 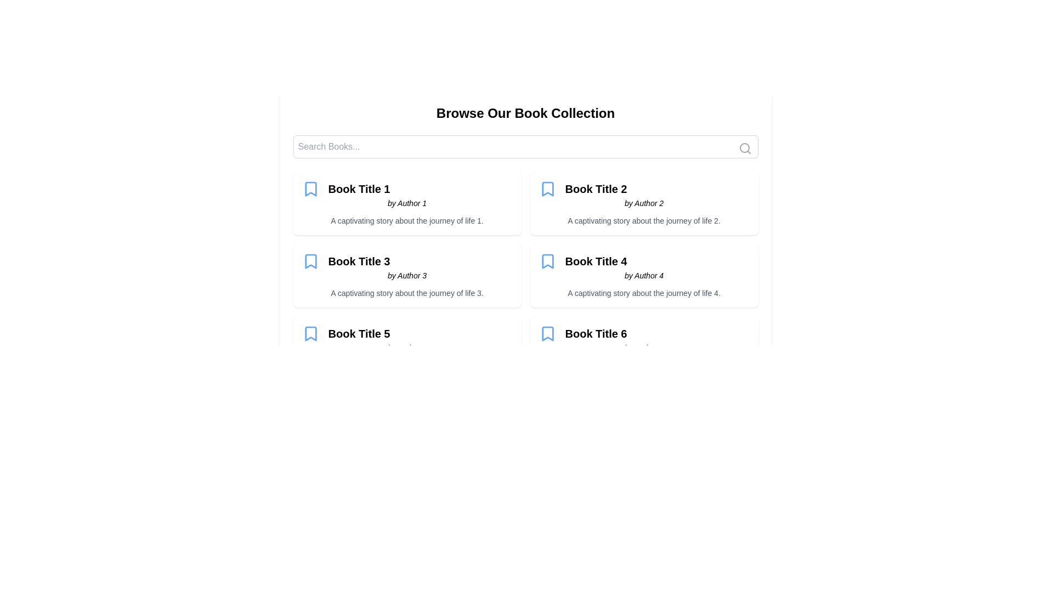 What do you see at coordinates (547, 261) in the screenshot?
I see `the bookmark-shaped icon in light blue color located to the left of 'Book Title 4'` at bounding box center [547, 261].